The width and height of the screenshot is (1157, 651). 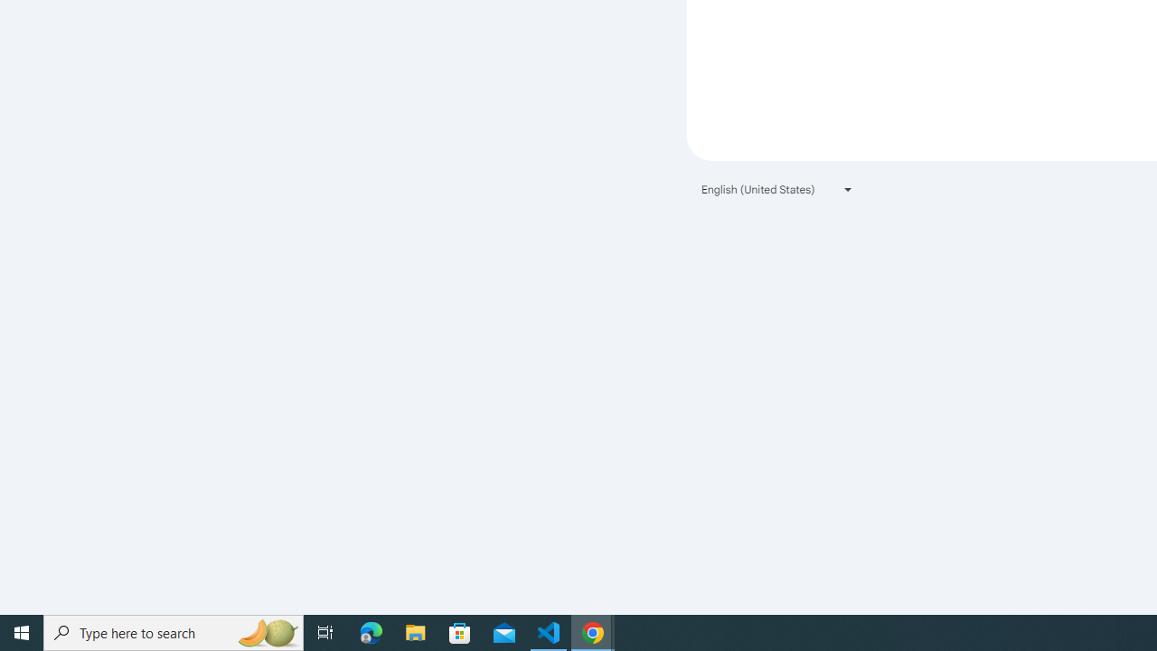 I want to click on 'English (United States)', so click(x=777, y=189).